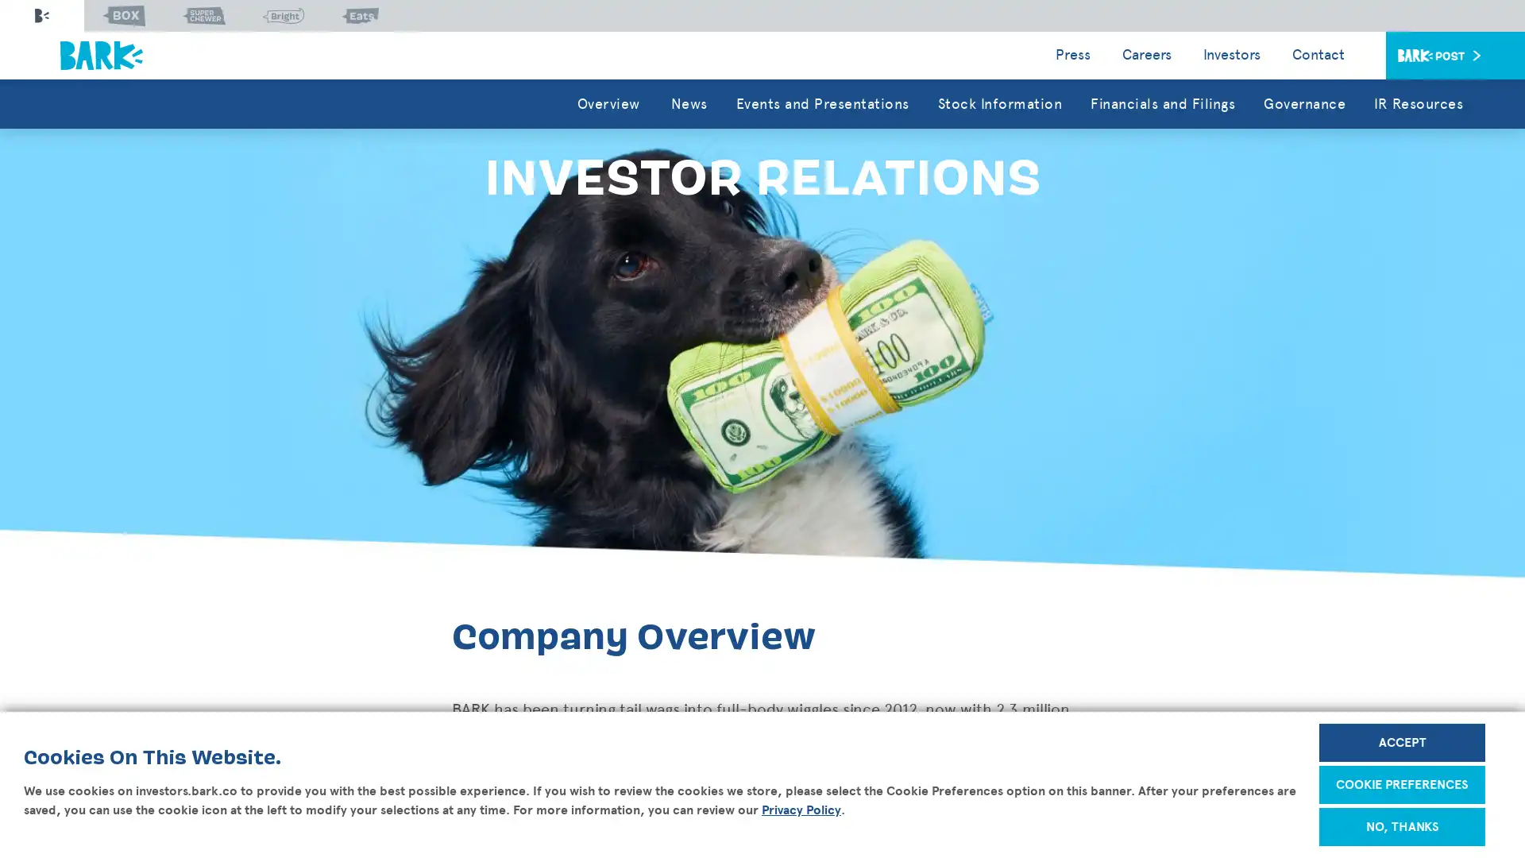 This screenshot has width=1525, height=858. I want to click on ACCEPT, so click(1402, 742).